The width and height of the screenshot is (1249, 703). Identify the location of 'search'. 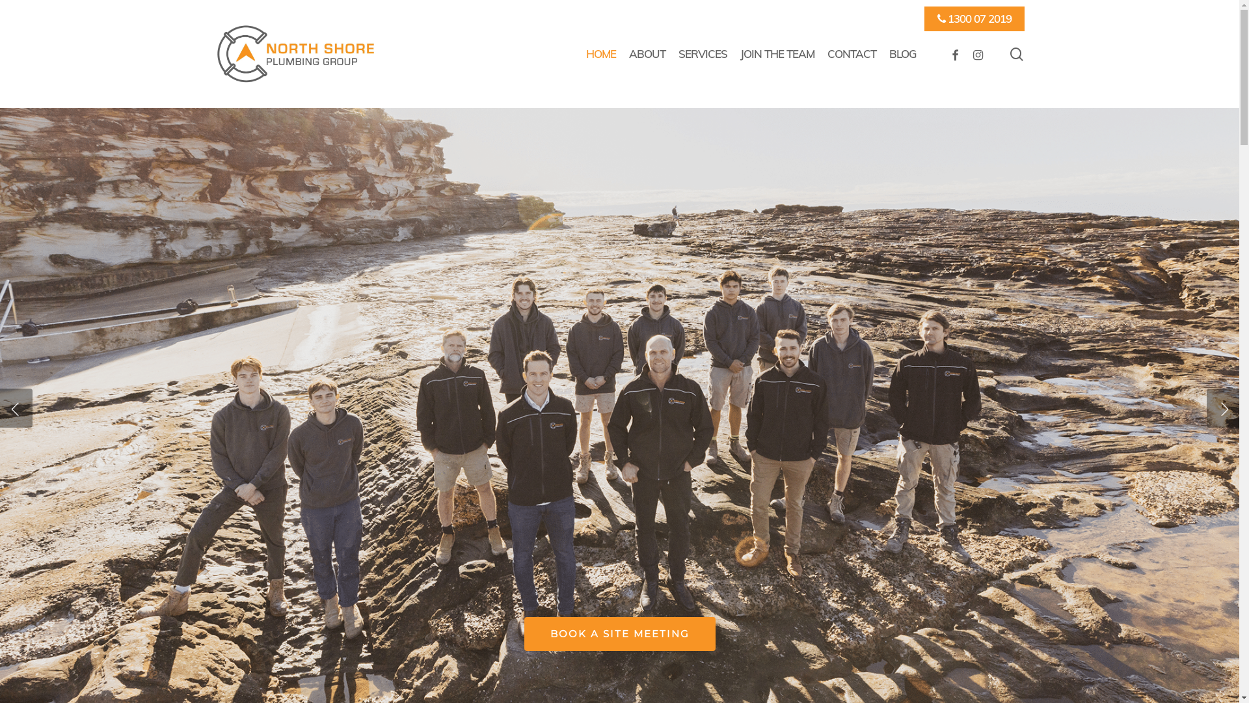
(1016, 53).